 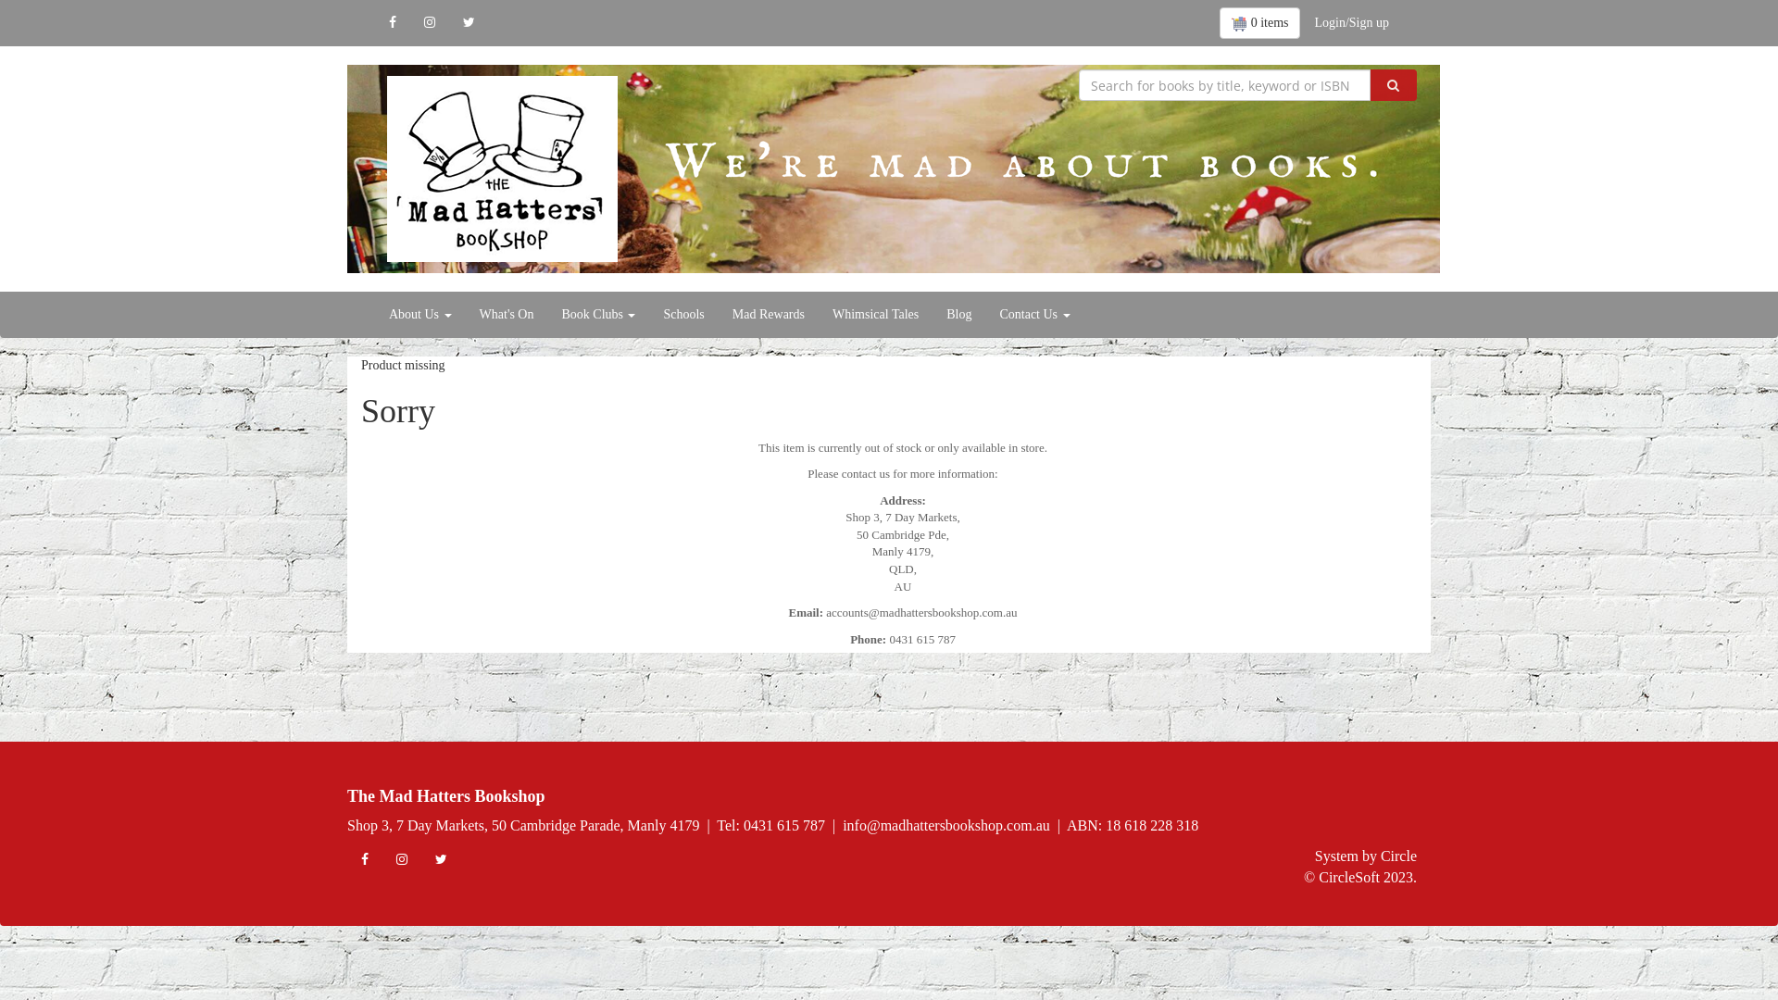 What do you see at coordinates (946, 824) in the screenshot?
I see `'info@madhattersbookshop.com.au'` at bounding box center [946, 824].